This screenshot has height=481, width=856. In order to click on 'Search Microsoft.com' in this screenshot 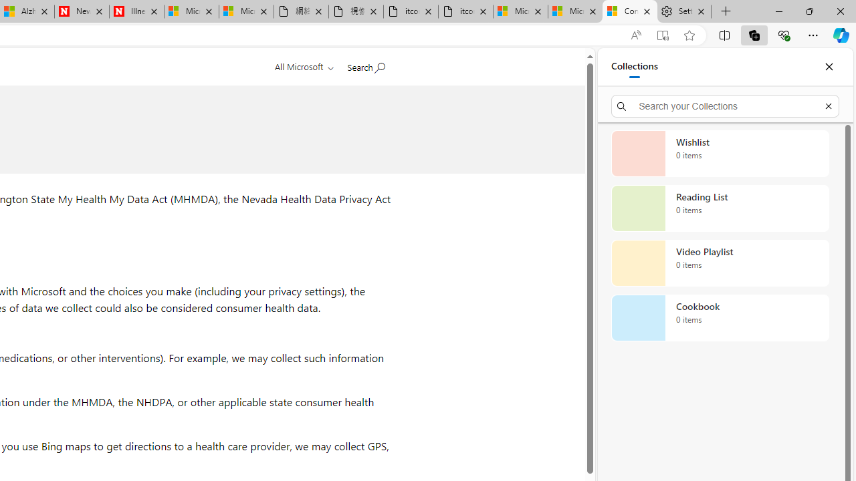, I will do `click(366, 65)`.